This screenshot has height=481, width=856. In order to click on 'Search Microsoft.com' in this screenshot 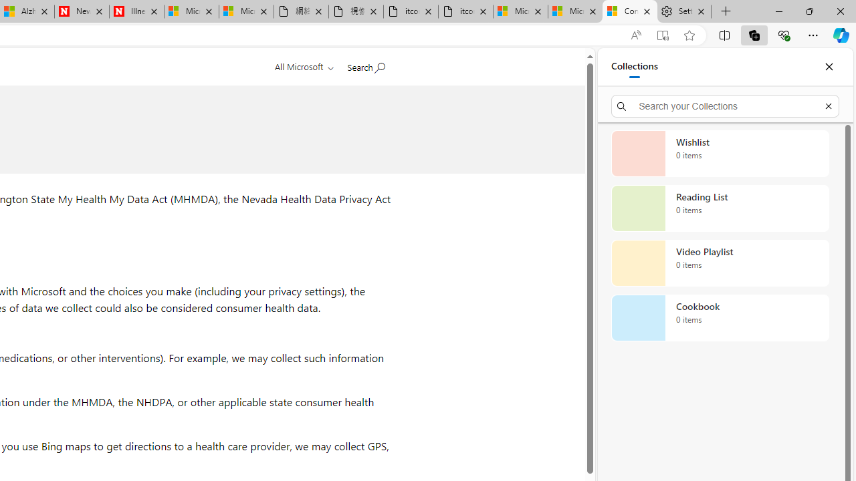, I will do `click(366, 65)`.